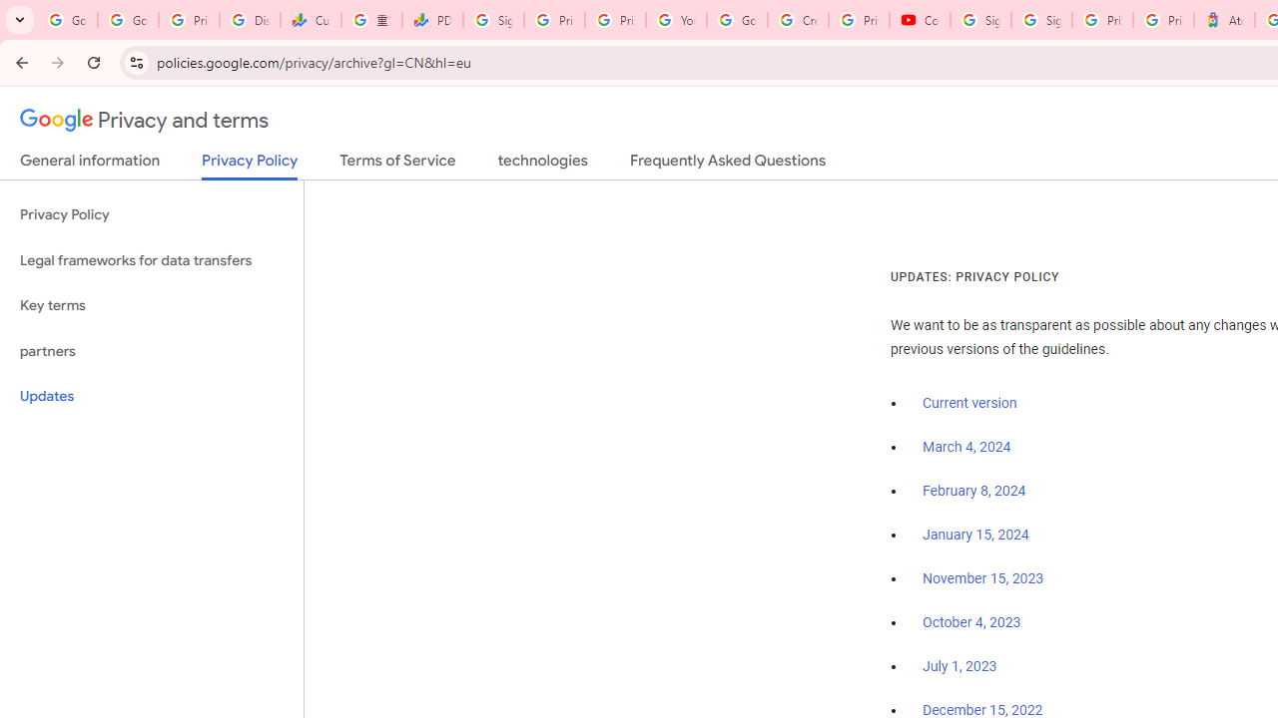 Image resolution: width=1278 pixels, height=718 pixels. I want to click on 'YouTube', so click(676, 20).